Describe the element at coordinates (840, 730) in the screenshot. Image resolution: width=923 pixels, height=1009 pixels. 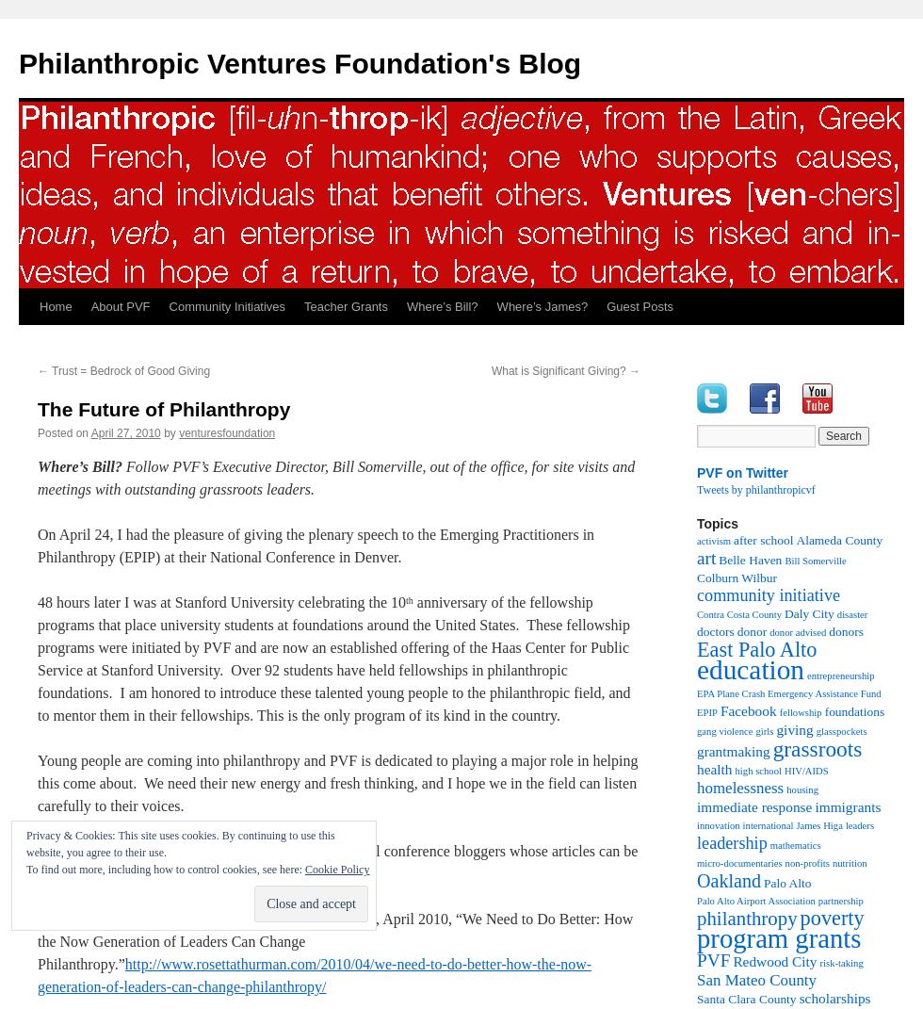
I see `'glasspockets'` at that location.